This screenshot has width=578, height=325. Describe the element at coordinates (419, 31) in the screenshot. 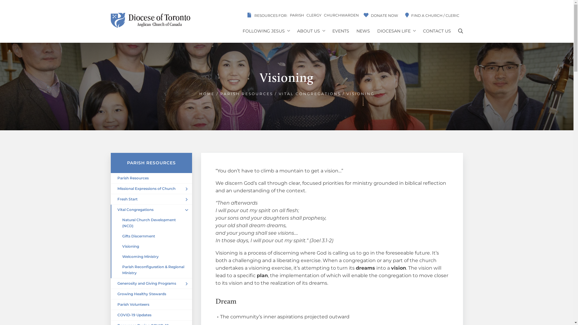

I see `'CONTACT US'` at that location.